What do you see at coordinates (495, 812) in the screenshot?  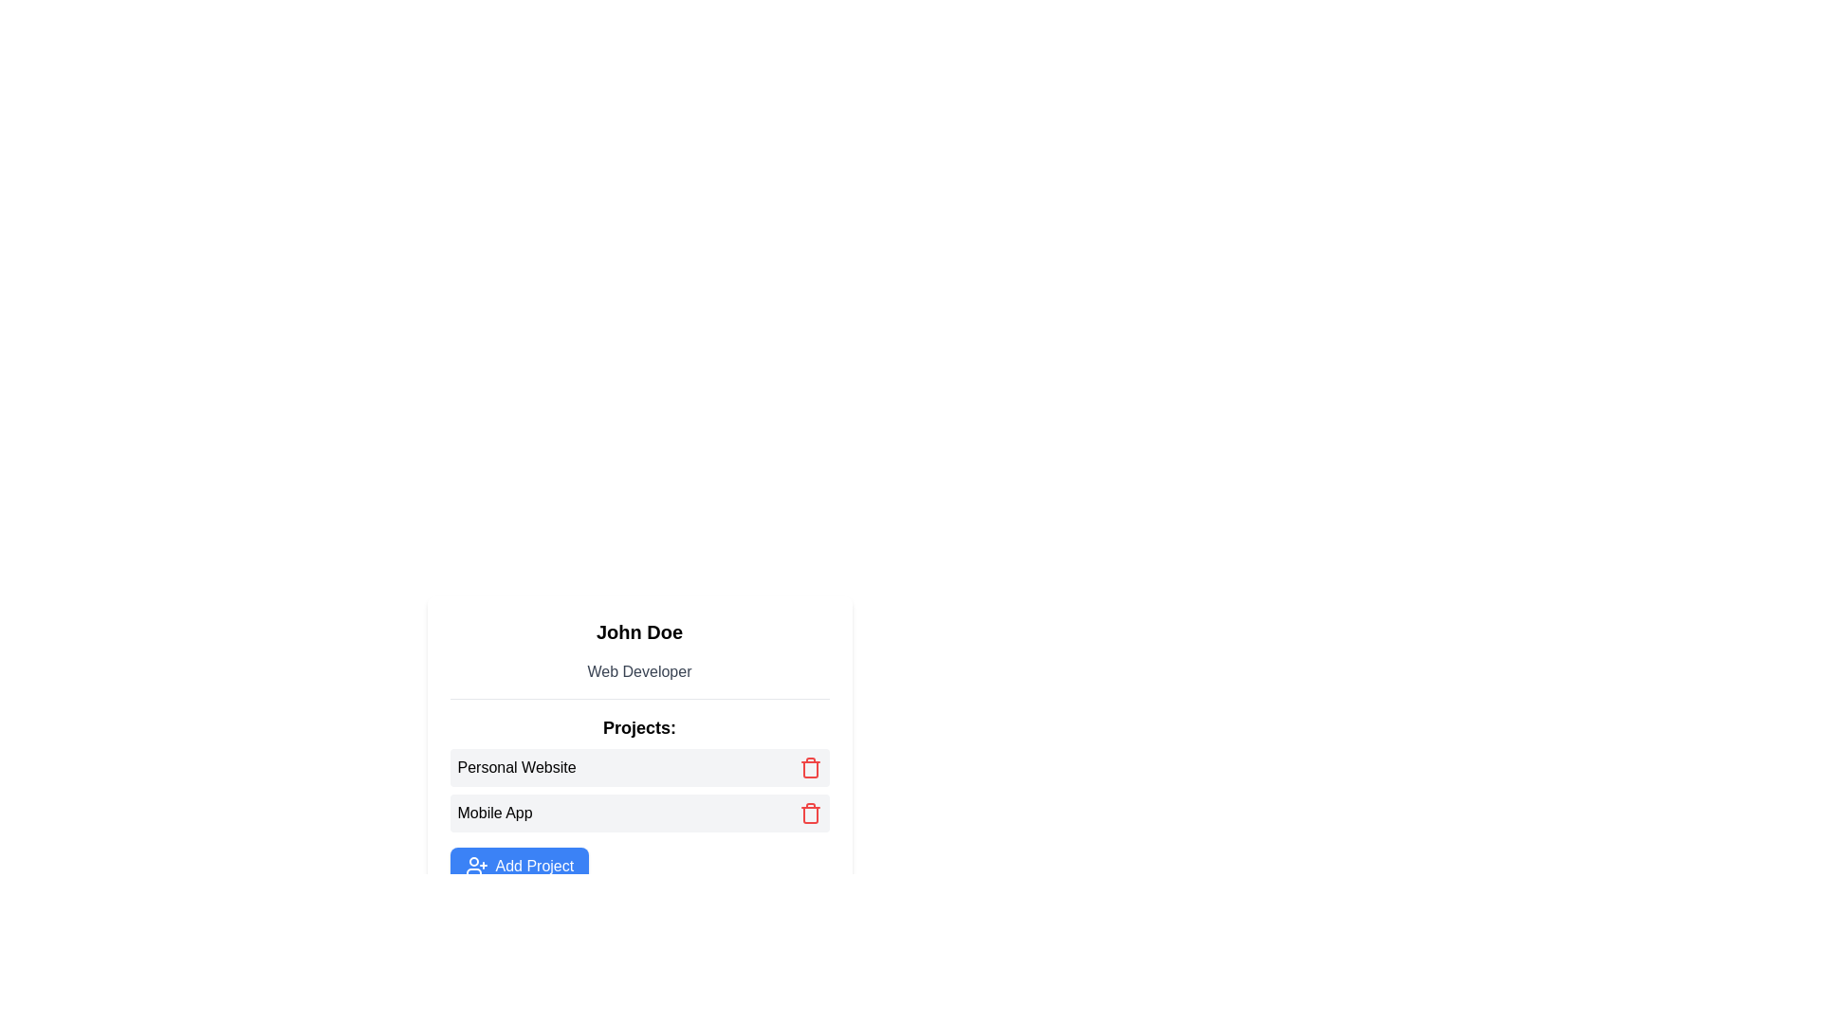 I see `the 'Mobile App' text label, which is styled in a dark color and is positioned` at bounding box center [495, 812].